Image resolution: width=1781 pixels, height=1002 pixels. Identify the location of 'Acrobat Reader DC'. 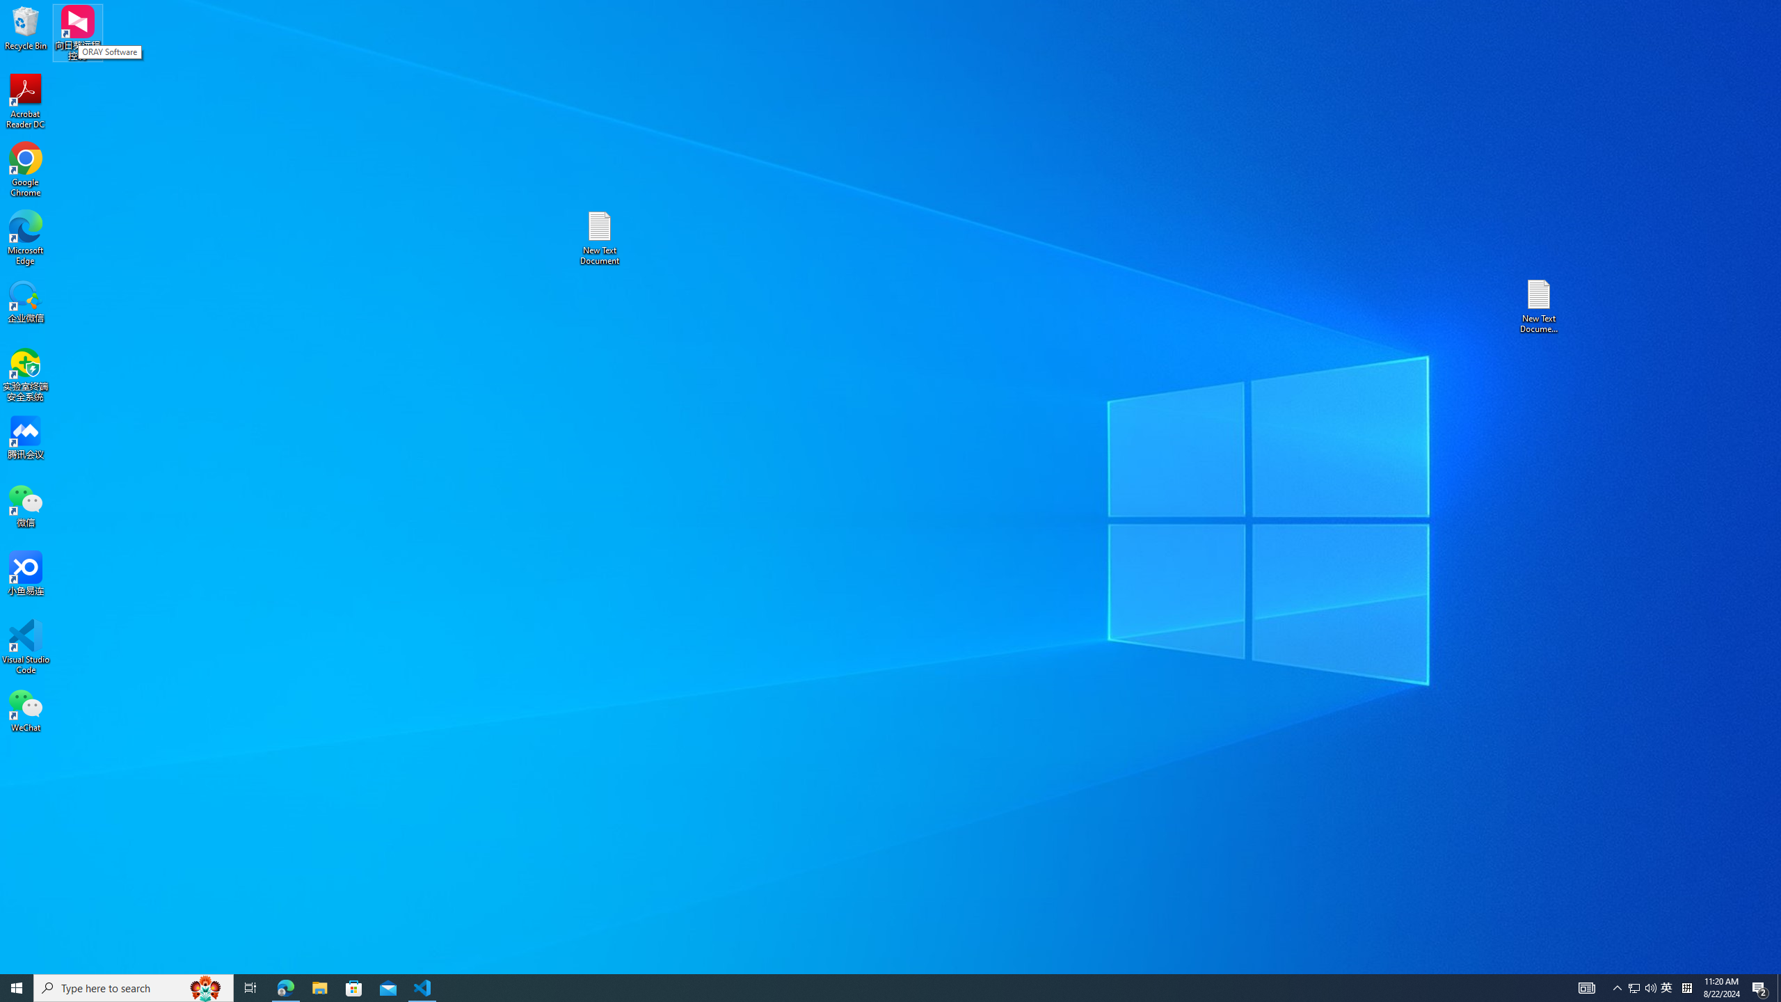
(25, 101).